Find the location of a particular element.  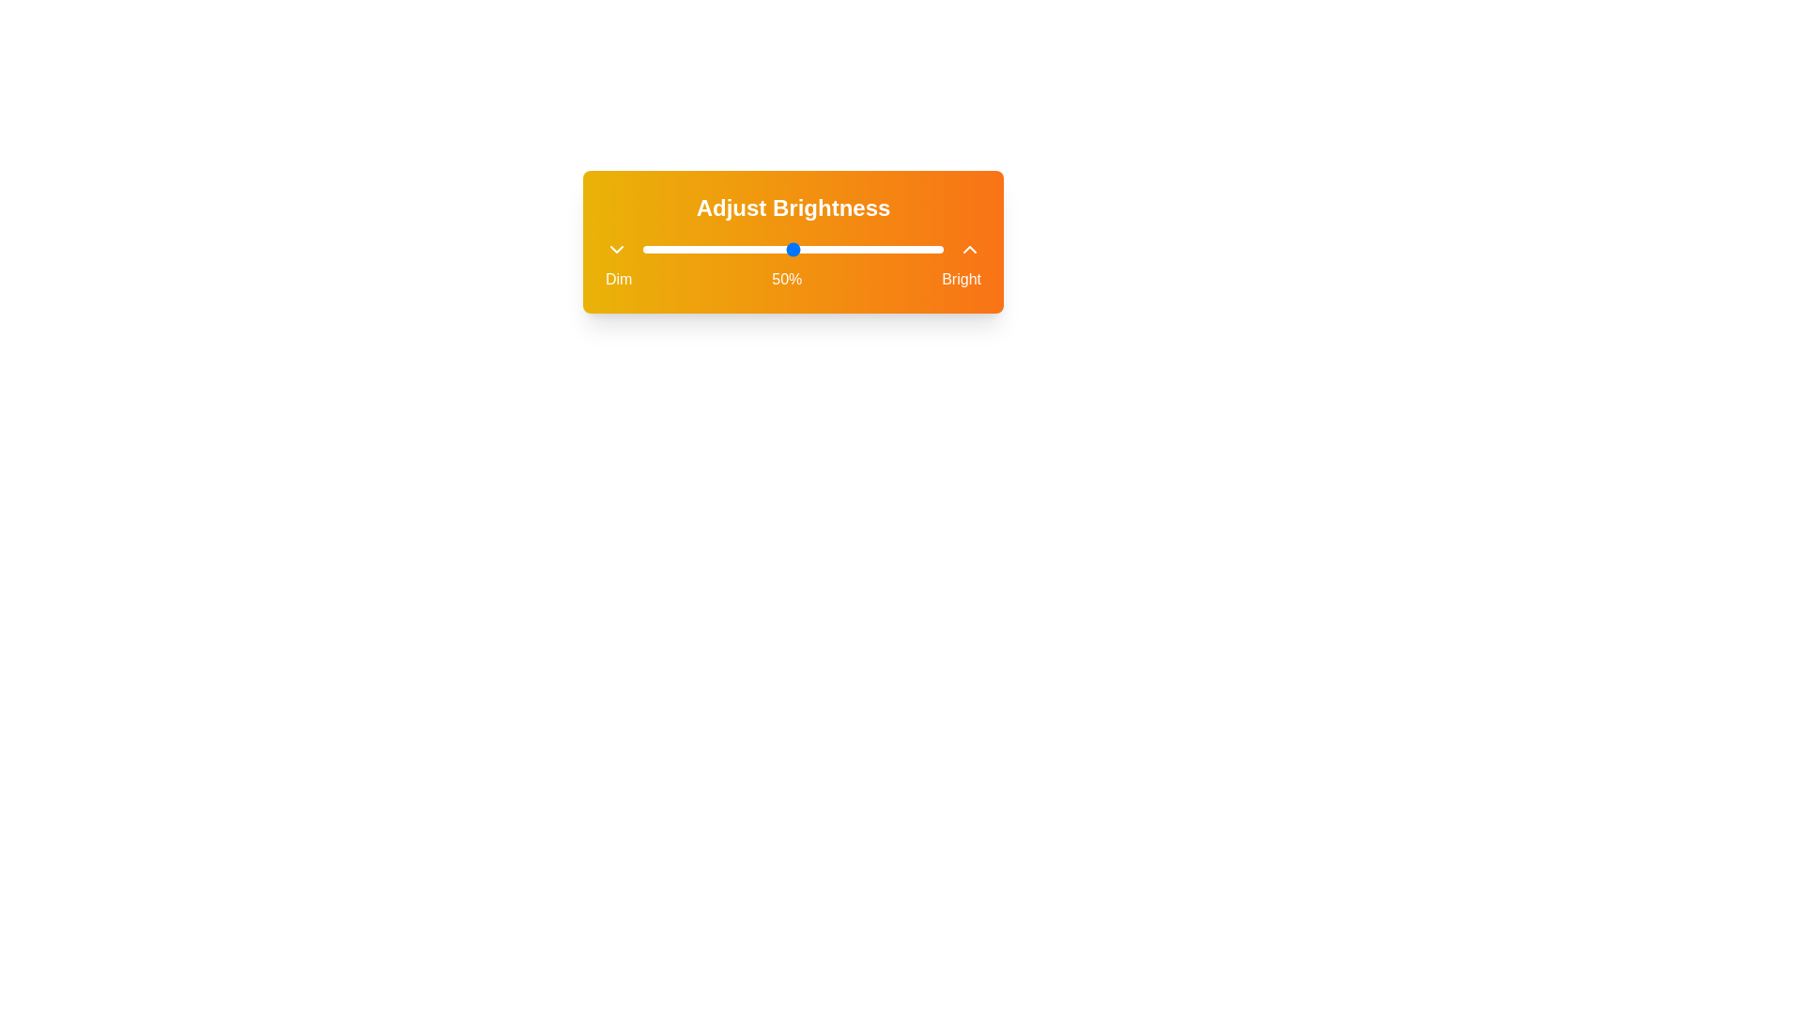

brightness level is located at coordinates (655, 249).